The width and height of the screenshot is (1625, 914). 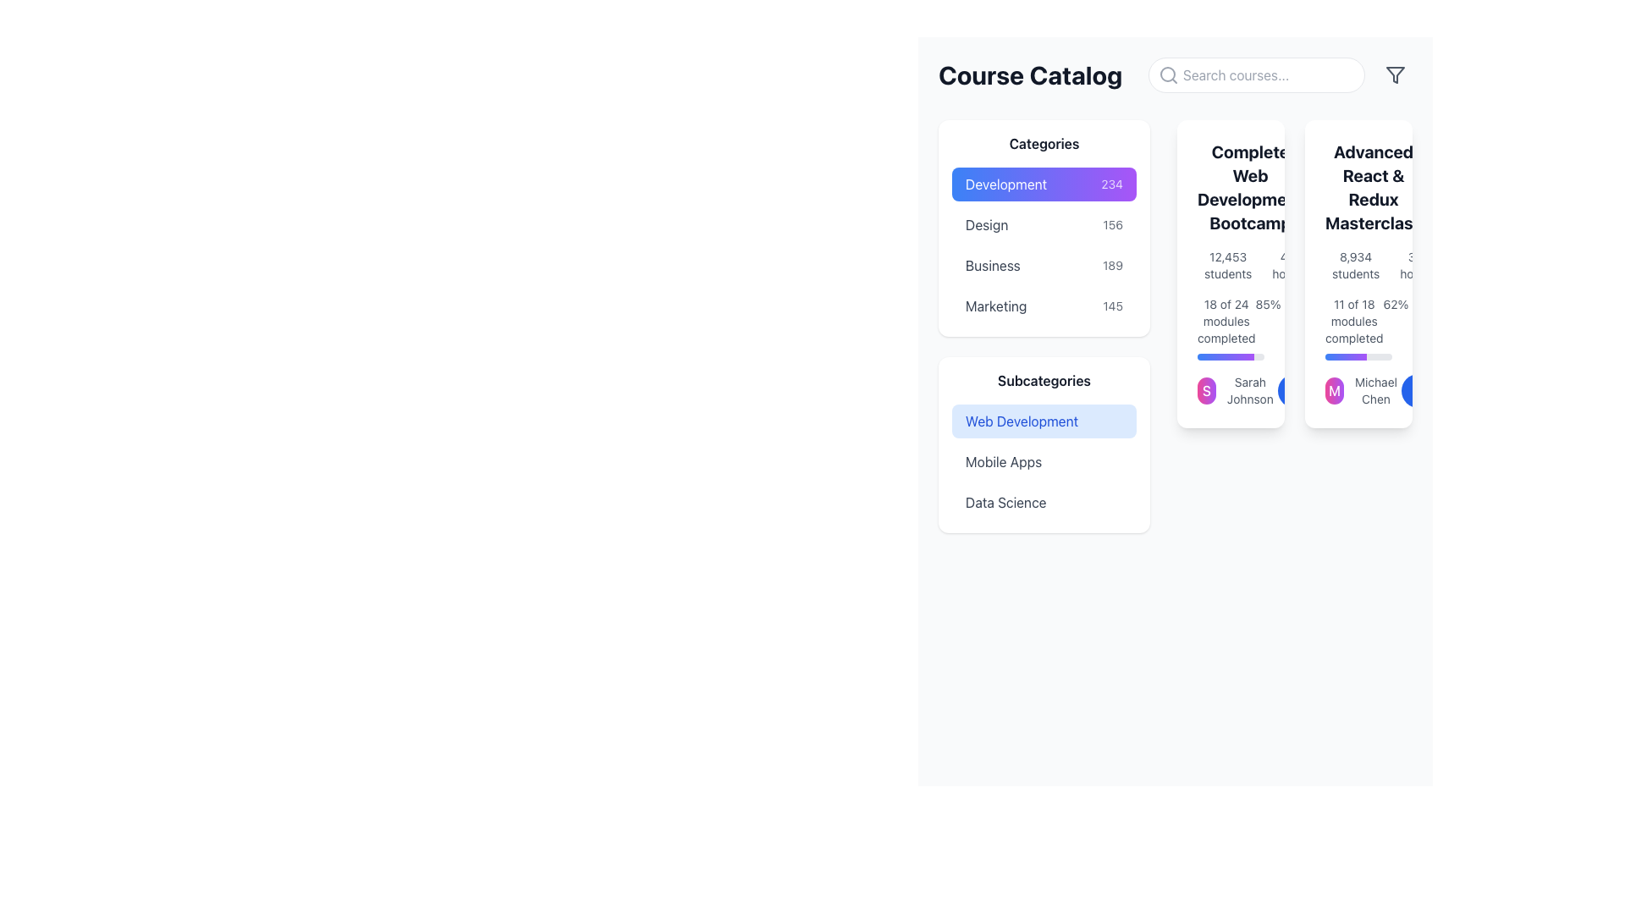 I want to click on the third entry in the Categories section labeled 'Business', so click(x=1043, y=265).